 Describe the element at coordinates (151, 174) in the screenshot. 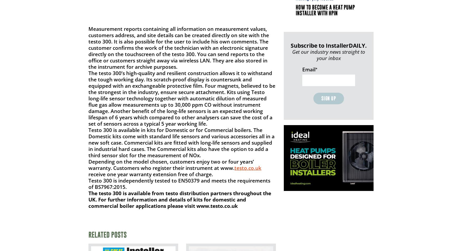

I see `'receive one year warranty extension free of charge.'` at that location.